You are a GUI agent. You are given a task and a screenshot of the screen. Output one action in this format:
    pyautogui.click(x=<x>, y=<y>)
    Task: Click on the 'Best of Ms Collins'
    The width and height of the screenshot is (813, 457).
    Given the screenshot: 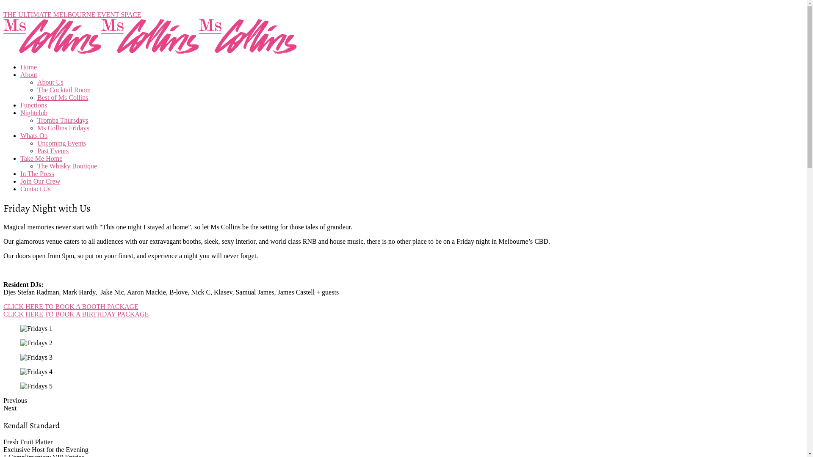 What is the action you would take?
    pyautogui.click(x=36, y=97)
    